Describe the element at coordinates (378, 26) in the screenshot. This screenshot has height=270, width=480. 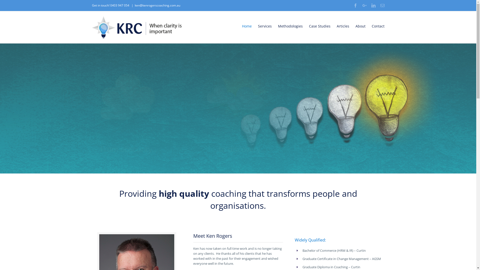
I see `'Contact'` at that location.